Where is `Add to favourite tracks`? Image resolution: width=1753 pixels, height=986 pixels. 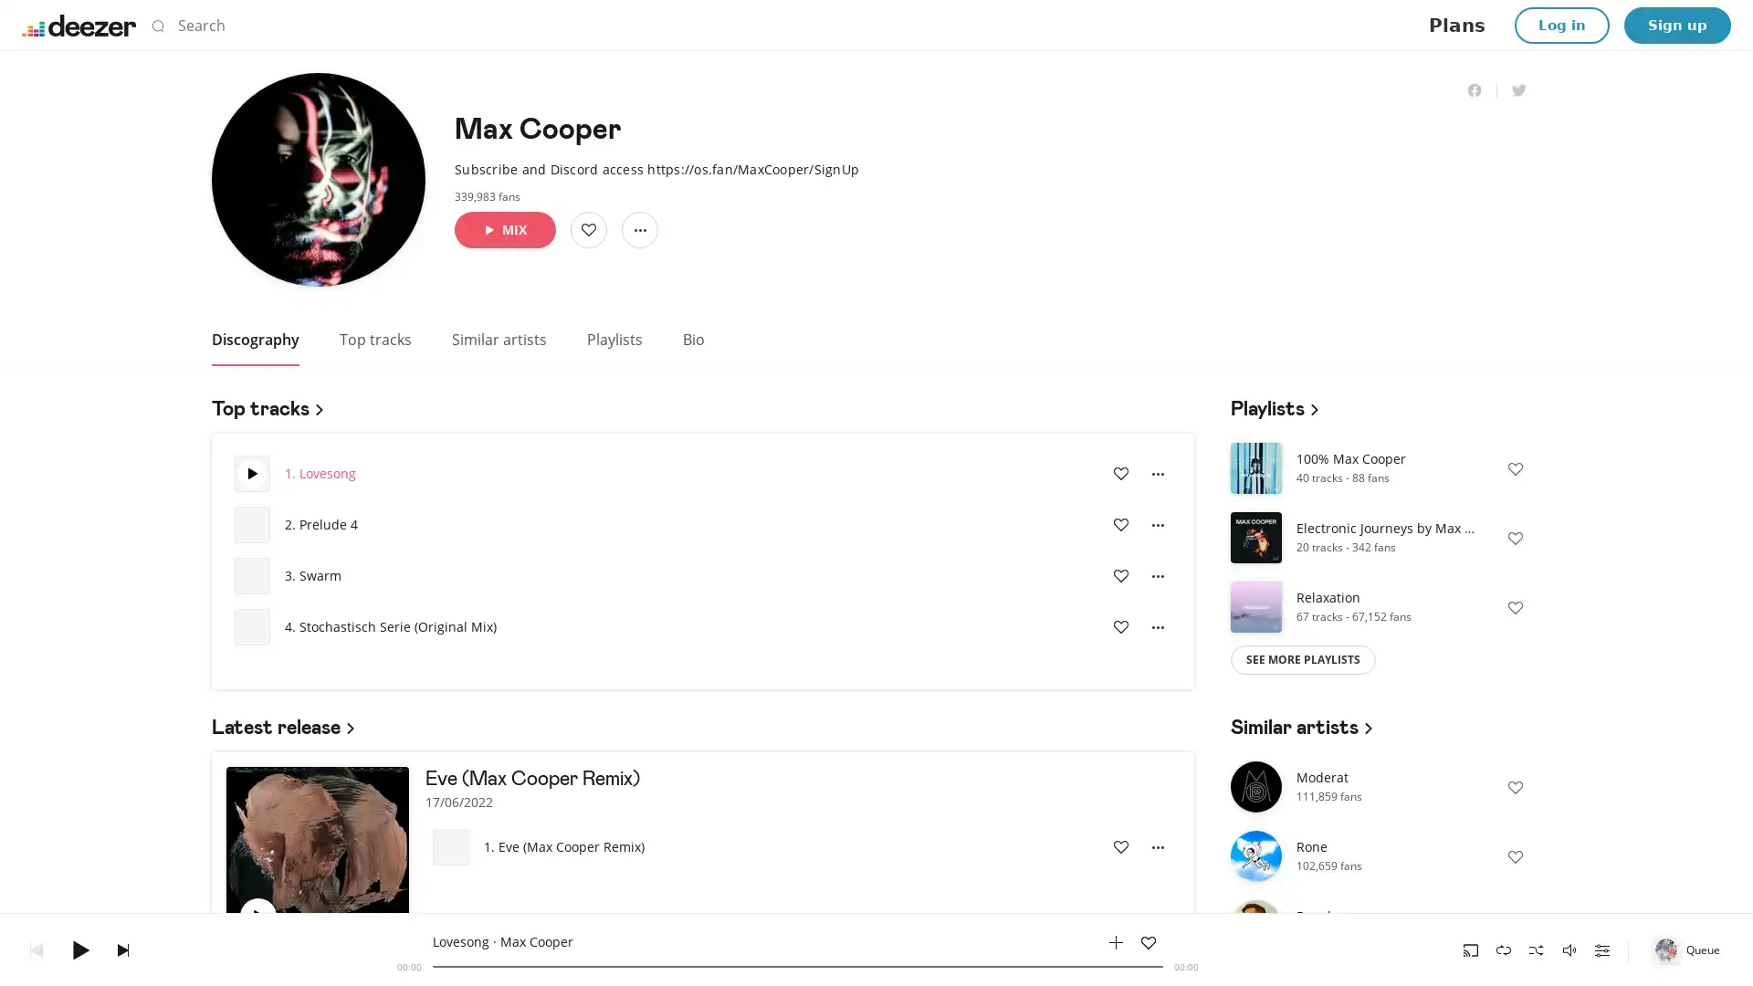
Add to favourite tracks is located at coordinates (306, 916).